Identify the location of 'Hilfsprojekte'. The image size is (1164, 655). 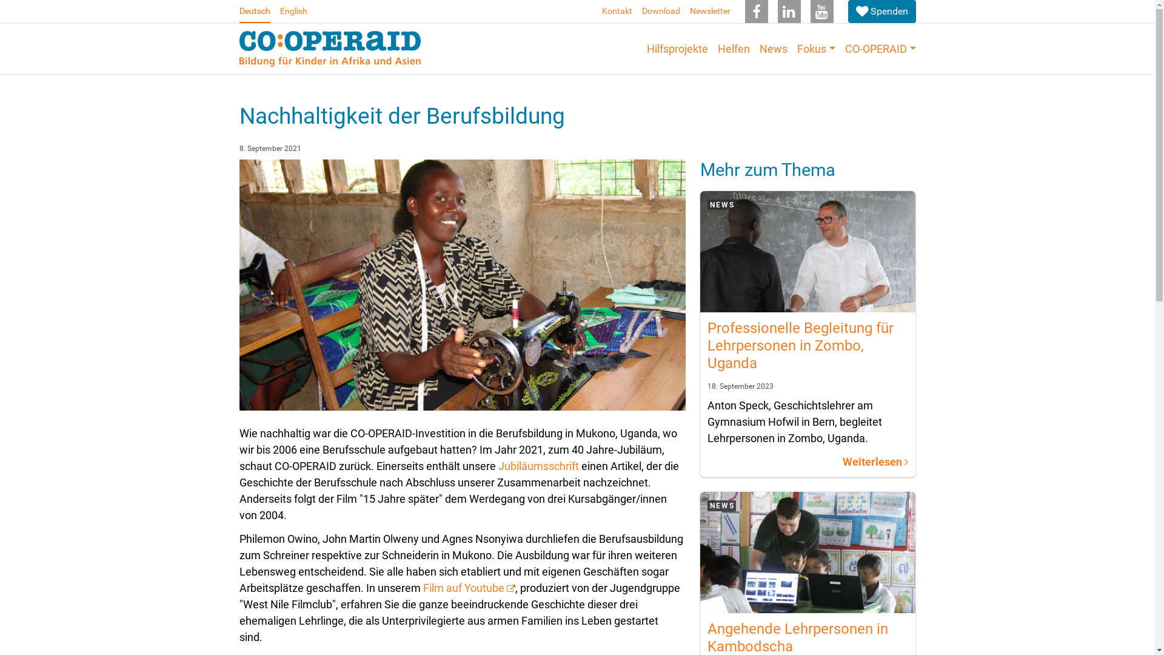
(677, 48).